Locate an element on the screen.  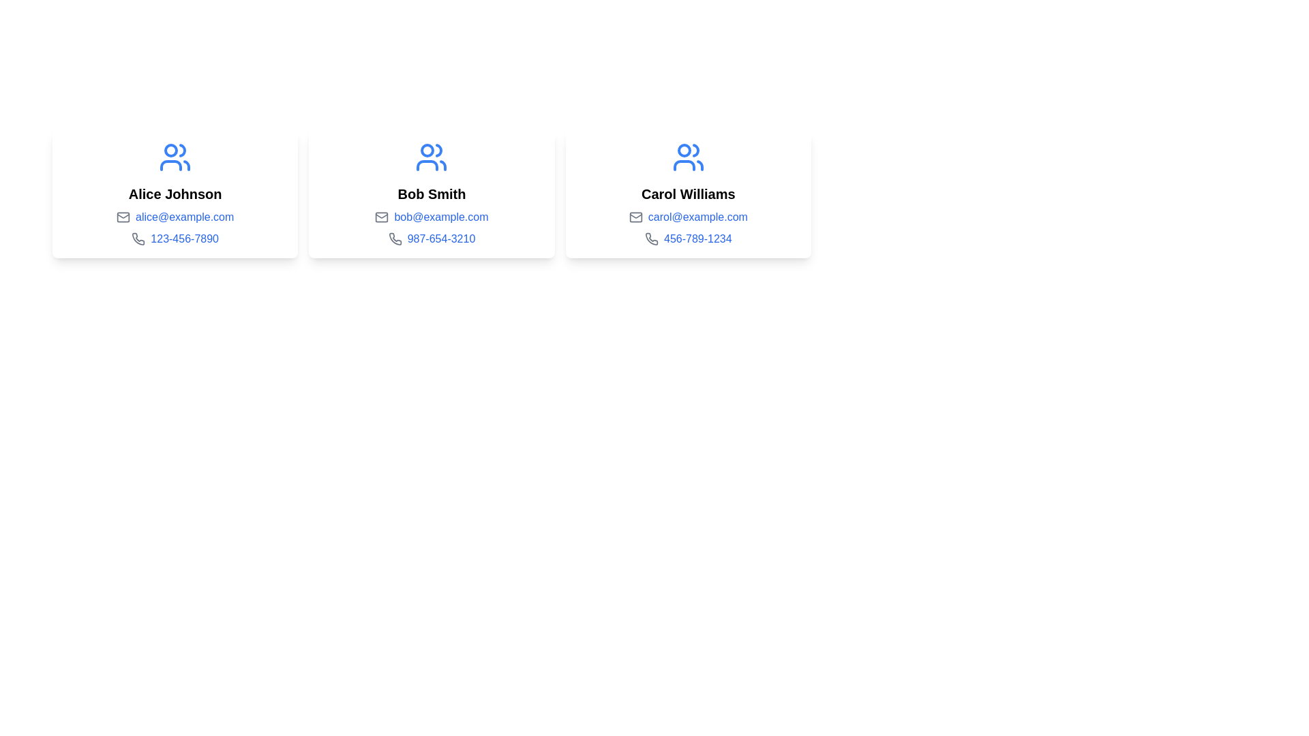
the phone handset icon represented as an SVG graphic located in the bottom section of the card labeled 'Bob Smith', beside the phone number '987-654-3210' is located at coordinates (394, 239).